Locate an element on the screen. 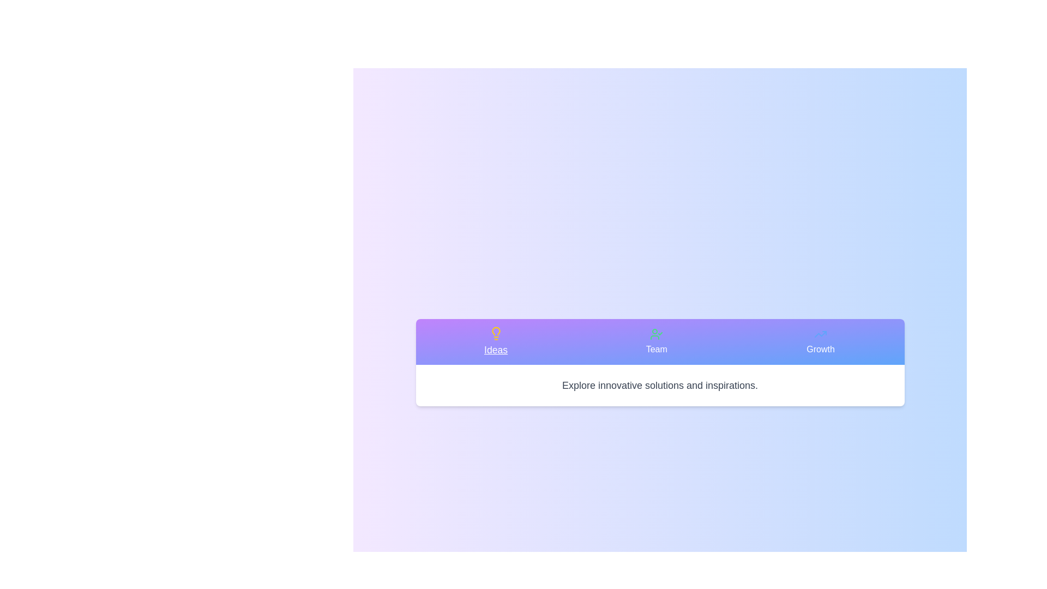  the tab labeled Growth is located at coordinates (820, 341).